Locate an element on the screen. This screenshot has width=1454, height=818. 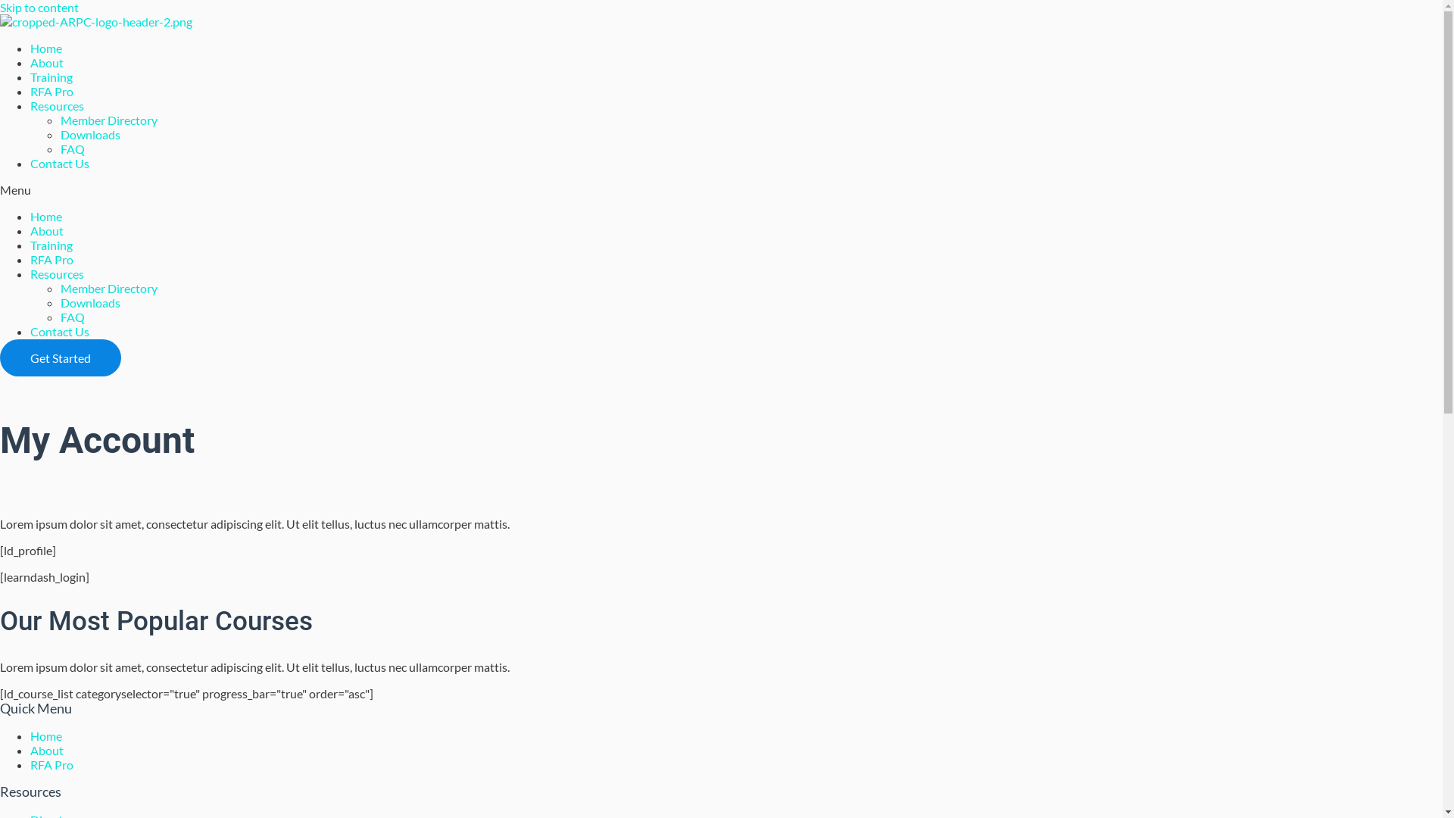
'Home' is located at coordinates (30, 216).